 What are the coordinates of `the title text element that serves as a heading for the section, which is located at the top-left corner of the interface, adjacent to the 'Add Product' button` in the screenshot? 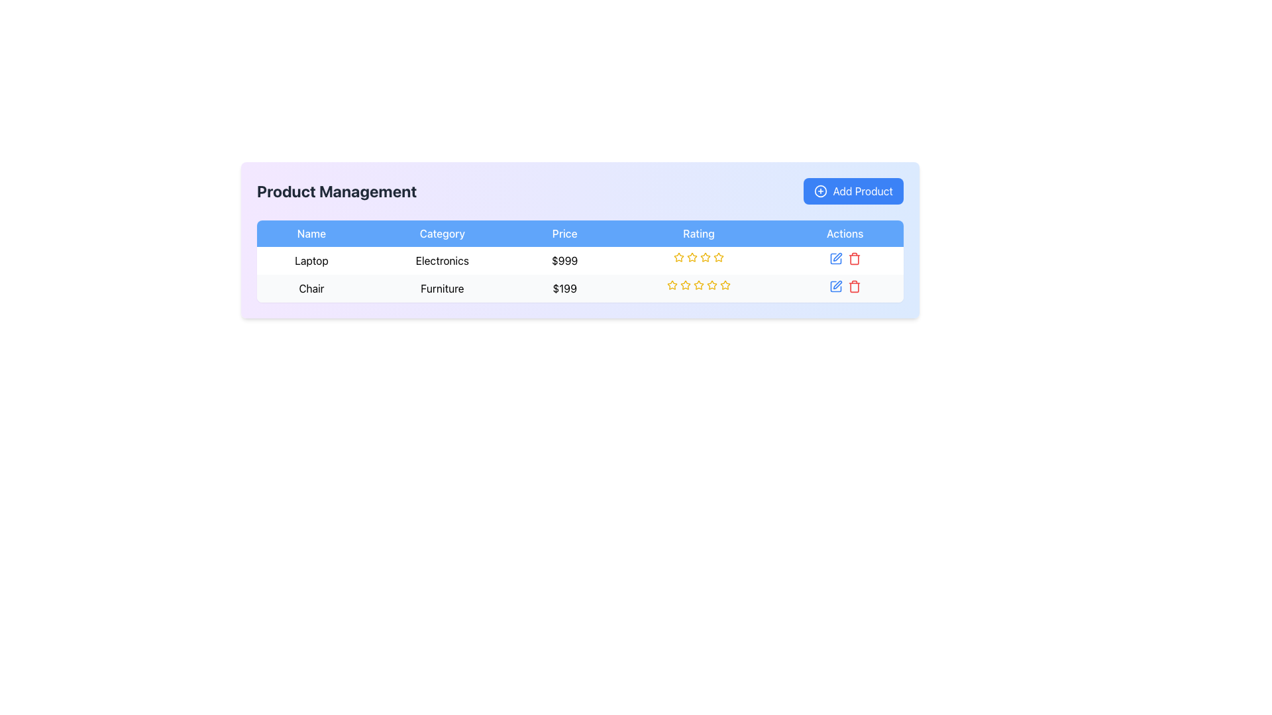 It's located at (337, 191).